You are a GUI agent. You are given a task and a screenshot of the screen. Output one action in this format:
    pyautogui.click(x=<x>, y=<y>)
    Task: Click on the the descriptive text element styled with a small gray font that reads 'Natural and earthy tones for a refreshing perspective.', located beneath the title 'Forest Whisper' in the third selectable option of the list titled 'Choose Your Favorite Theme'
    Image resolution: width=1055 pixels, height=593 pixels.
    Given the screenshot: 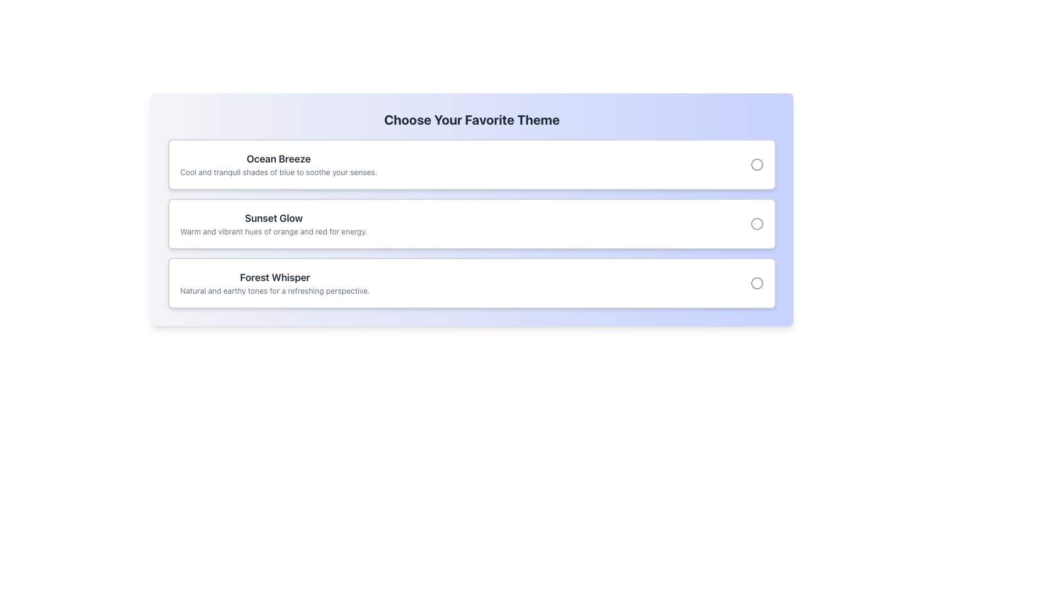 What is the action you would take?
    pyautogui.click(x=275, y=290)
    